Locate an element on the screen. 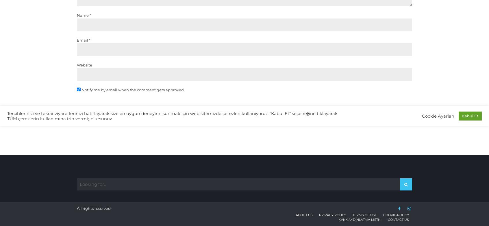 The width and height of the screenshot is (489, 226). 'All rights reserved.' is located at coordinates (77, 208).